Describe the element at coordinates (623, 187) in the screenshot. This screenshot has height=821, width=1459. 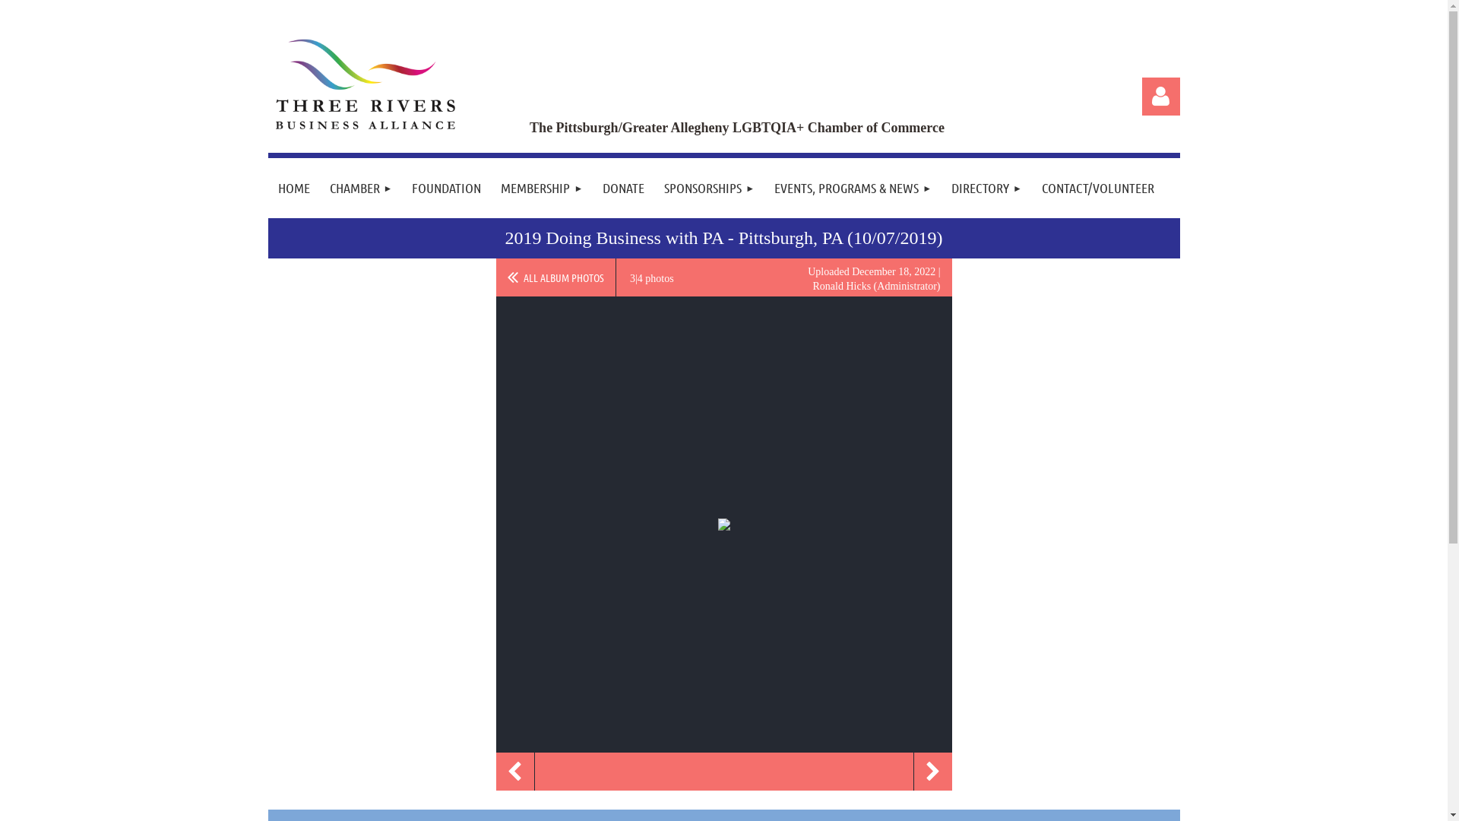
I see `'DONATE'` at that location.